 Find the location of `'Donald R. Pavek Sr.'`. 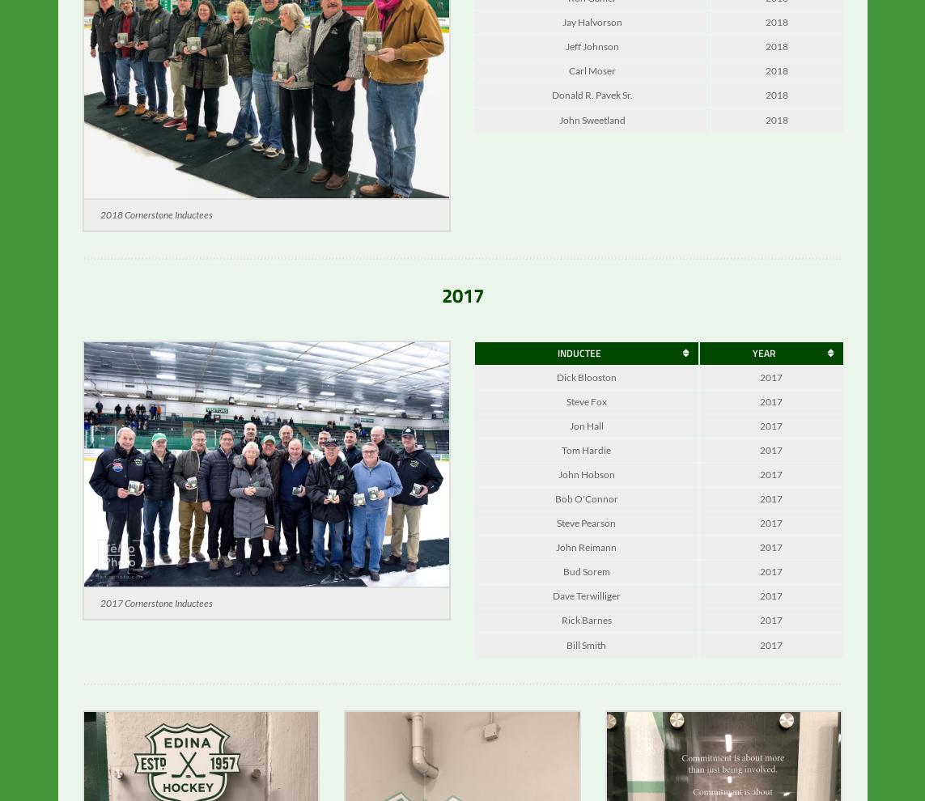

'Donald R. Pavek Sr.' is located at coordinates (591, 104).